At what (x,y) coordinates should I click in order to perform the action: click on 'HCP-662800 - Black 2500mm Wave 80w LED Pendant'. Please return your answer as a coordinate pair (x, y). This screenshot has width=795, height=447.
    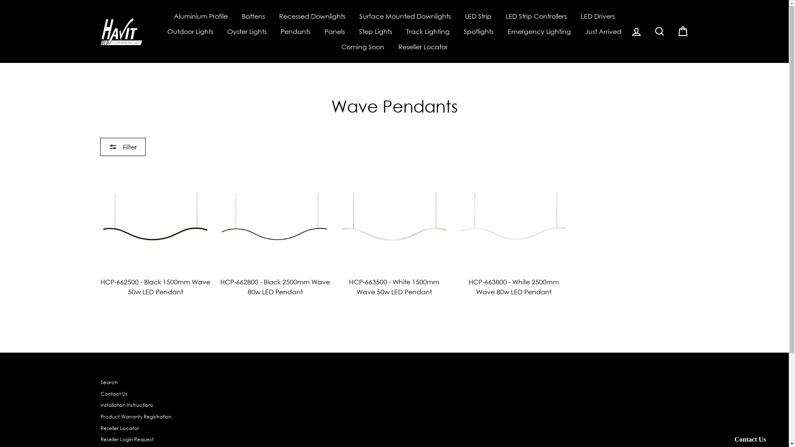
    Looking at the image, I should click on (275, 231).